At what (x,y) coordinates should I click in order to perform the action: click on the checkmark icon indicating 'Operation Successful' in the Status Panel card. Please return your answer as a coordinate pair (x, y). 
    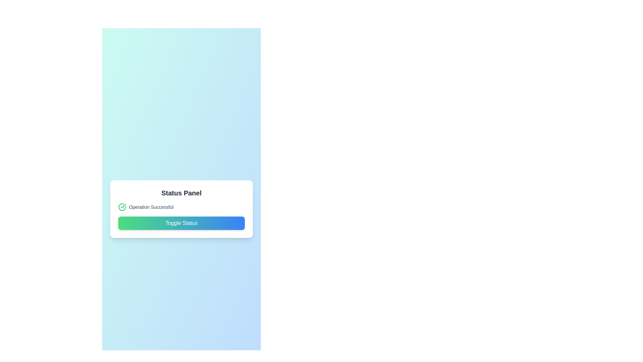
    Looking at the image, I should click on (123, 205).